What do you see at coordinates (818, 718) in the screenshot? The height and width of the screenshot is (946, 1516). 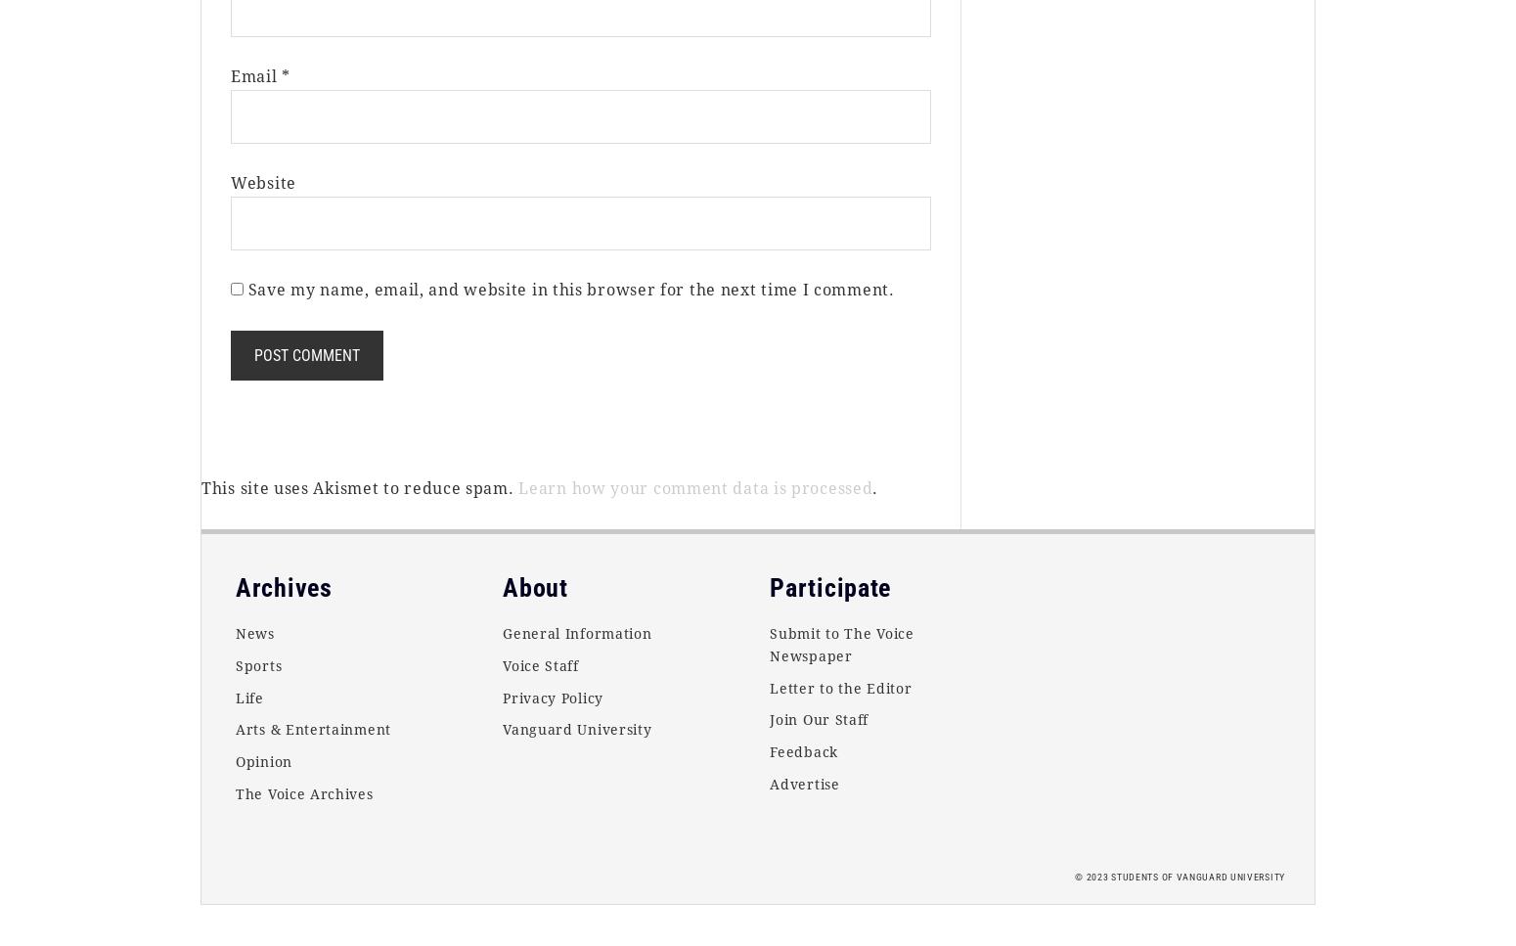 I see `'Join Our Staff'` at bounding box center [818, 718].